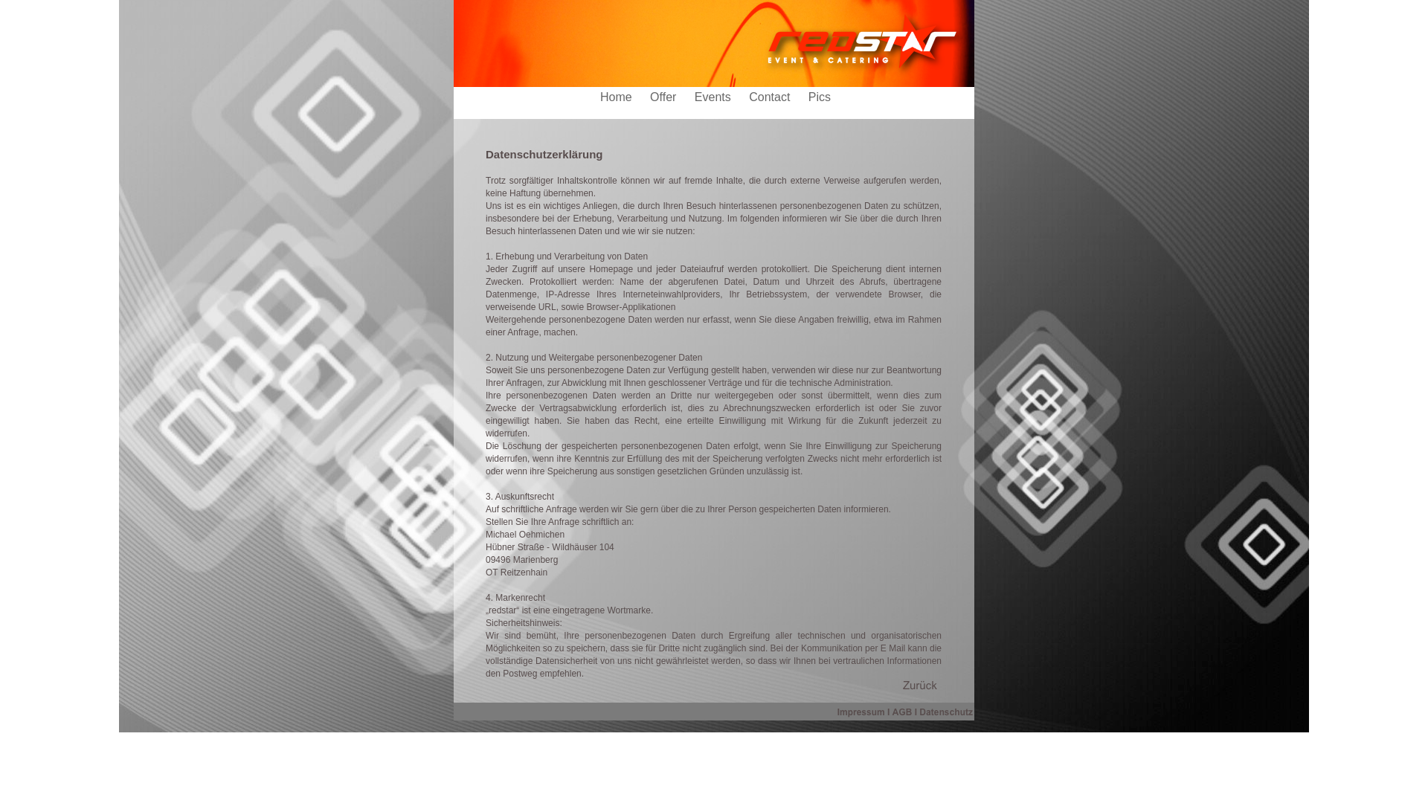  I want to click on 'Home', so click(599, 97).